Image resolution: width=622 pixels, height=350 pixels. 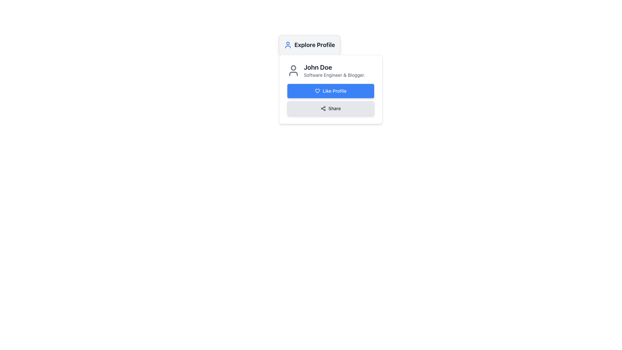 I want to click on the blue outline person icon to the left of the 'Explore Profile' text, so click(x=287, y=44).